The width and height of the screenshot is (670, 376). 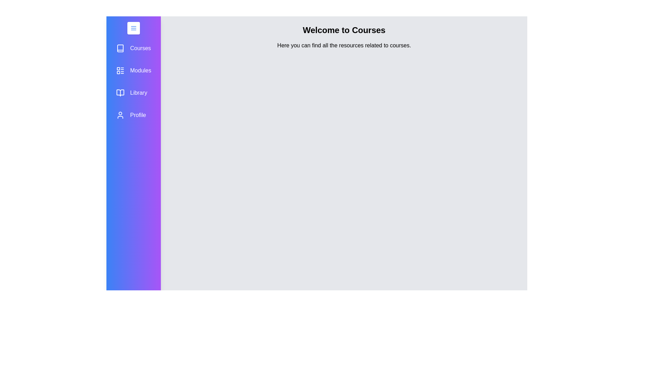 What do you see at coordinates (134, 115) in the screenshot?
I see `the Profile tab to observe the hover effect` at bounding box center [134, 115].